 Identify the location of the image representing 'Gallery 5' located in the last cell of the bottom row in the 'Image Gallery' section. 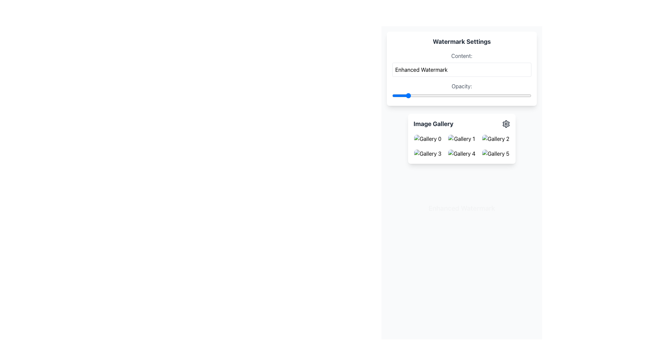
(495, 153).